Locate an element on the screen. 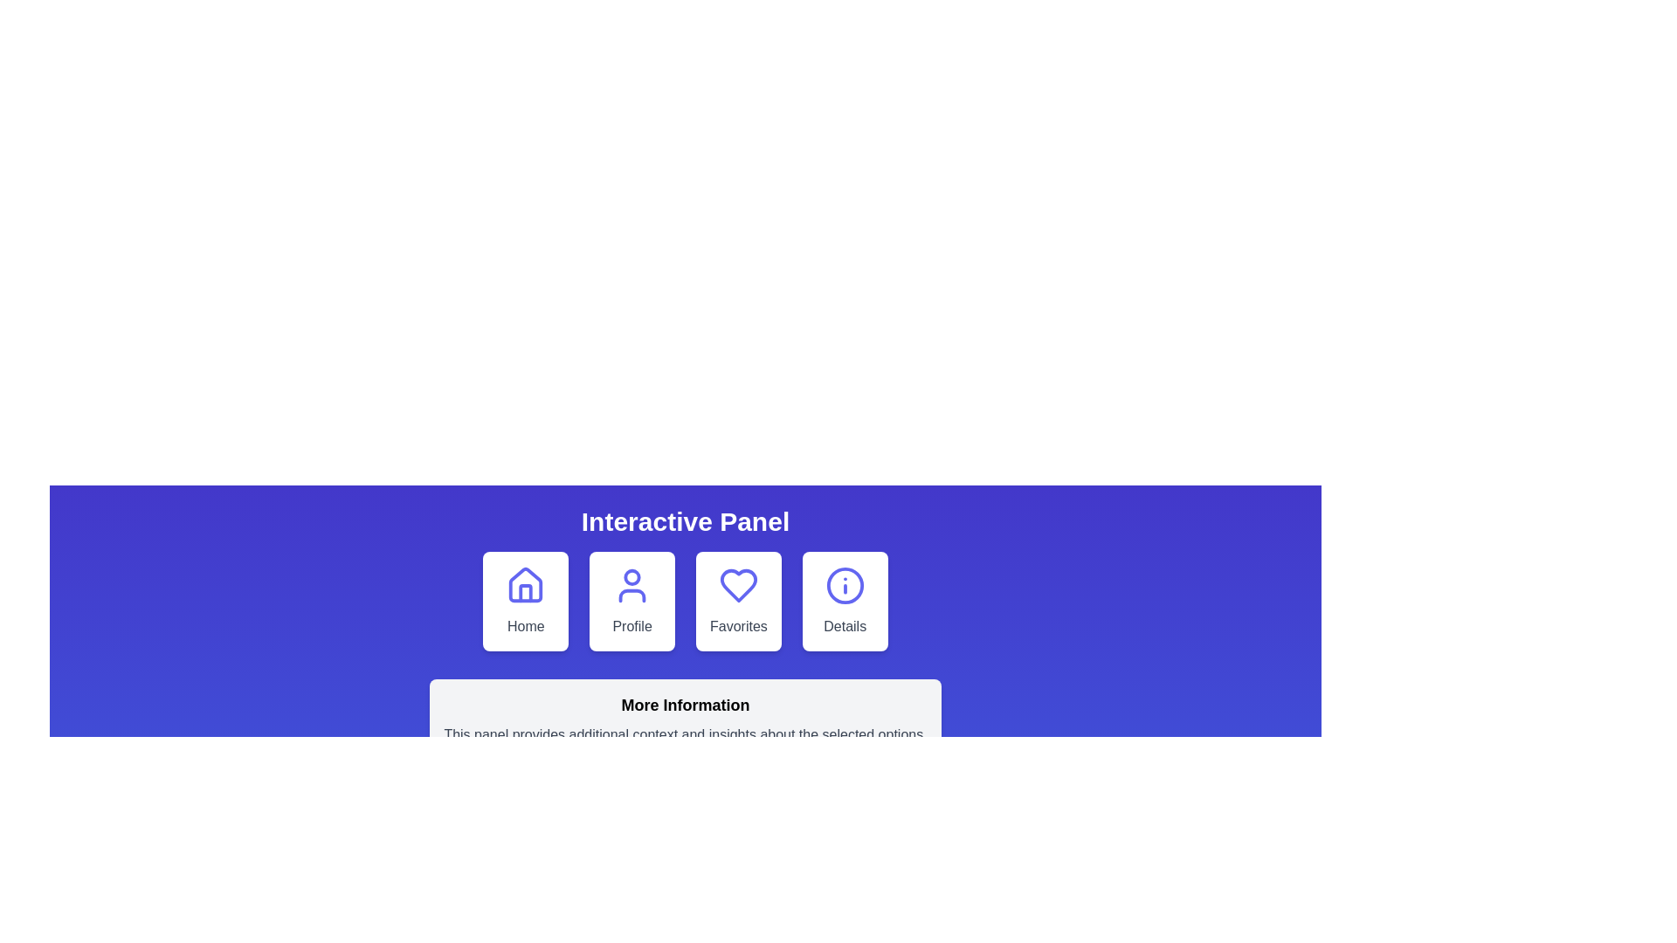 The image size is (1677, 943). the heart-shaped icon with an indigo-blue outline, which is the third item in the interactive panel below the 'Interactive Panel' heading is located at coordinates (738, 586).